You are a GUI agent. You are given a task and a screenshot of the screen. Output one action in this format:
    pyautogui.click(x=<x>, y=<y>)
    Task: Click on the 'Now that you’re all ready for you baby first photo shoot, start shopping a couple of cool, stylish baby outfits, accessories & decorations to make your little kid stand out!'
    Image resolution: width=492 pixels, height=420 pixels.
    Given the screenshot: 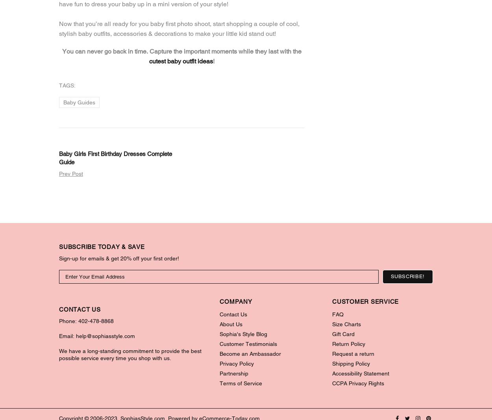 What is the action you would take?
    pyautogui.click(x=59, y=28)
    